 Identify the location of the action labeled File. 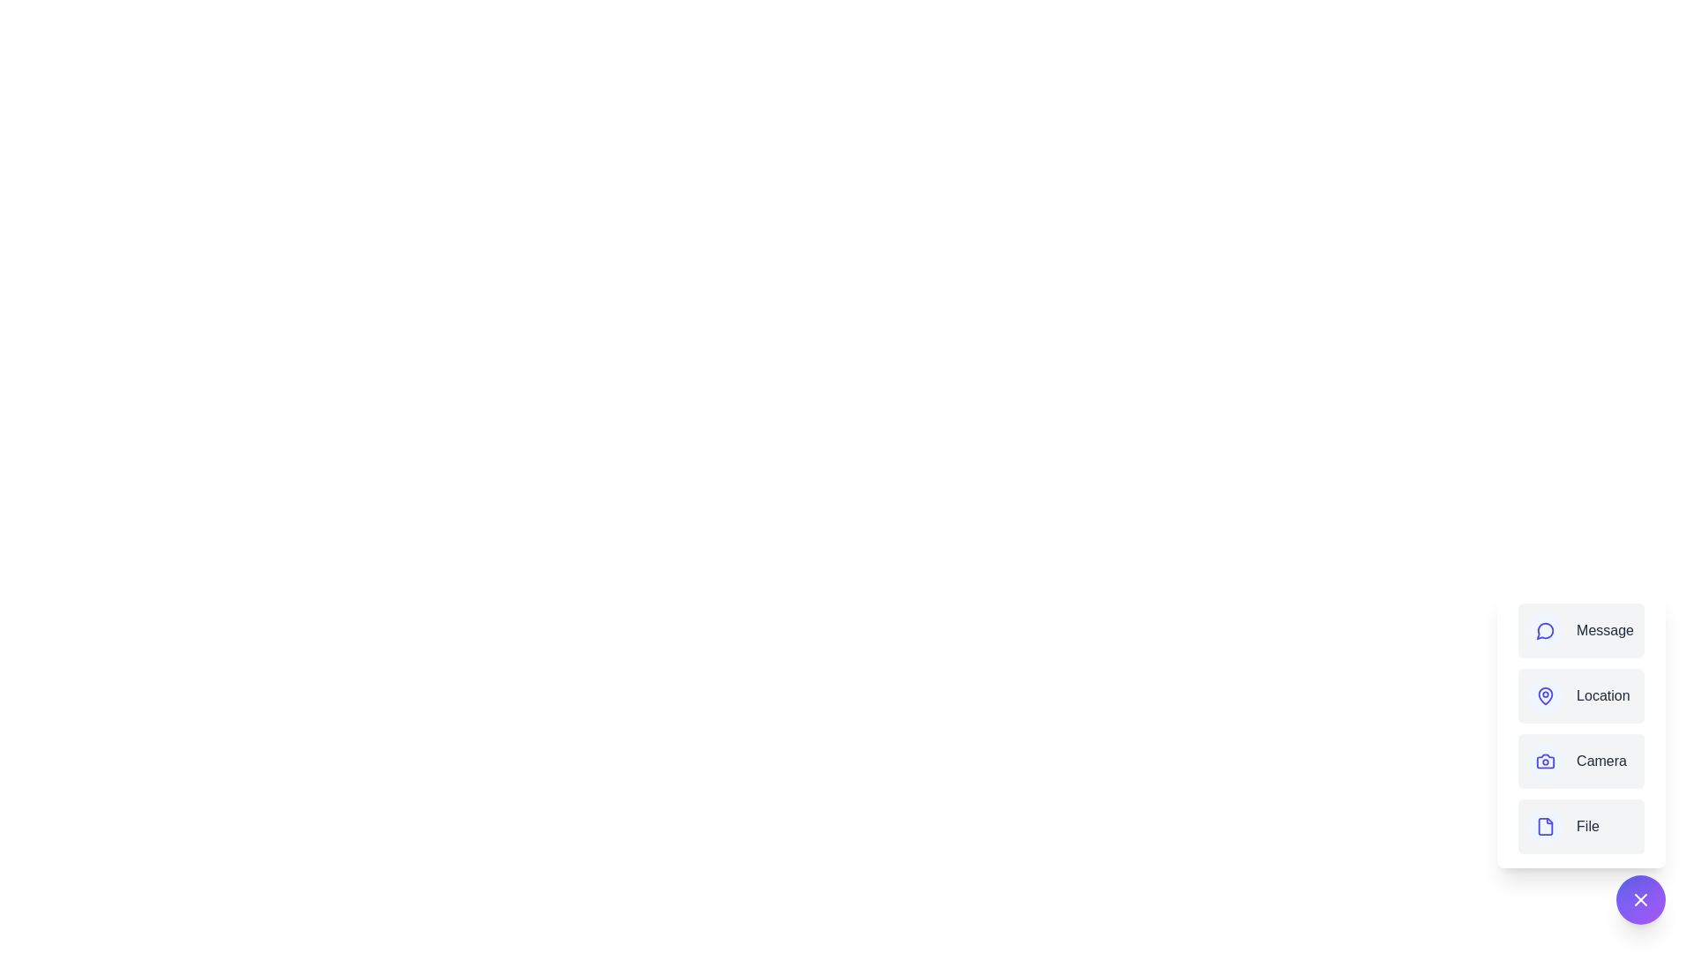
(1581, 827).